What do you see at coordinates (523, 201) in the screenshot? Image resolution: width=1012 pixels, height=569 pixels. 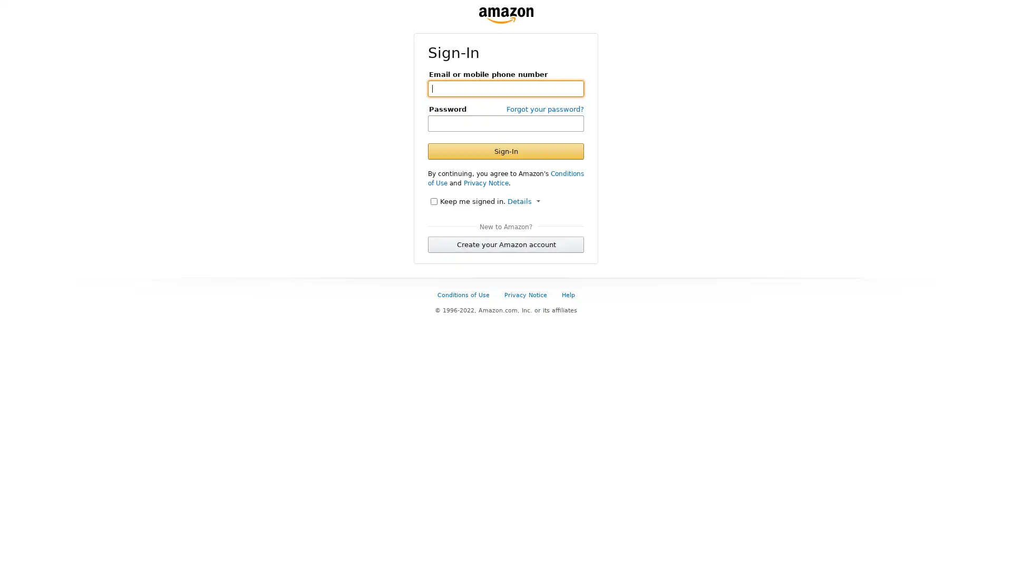 I see `Details` at bounding box center [523, 201].